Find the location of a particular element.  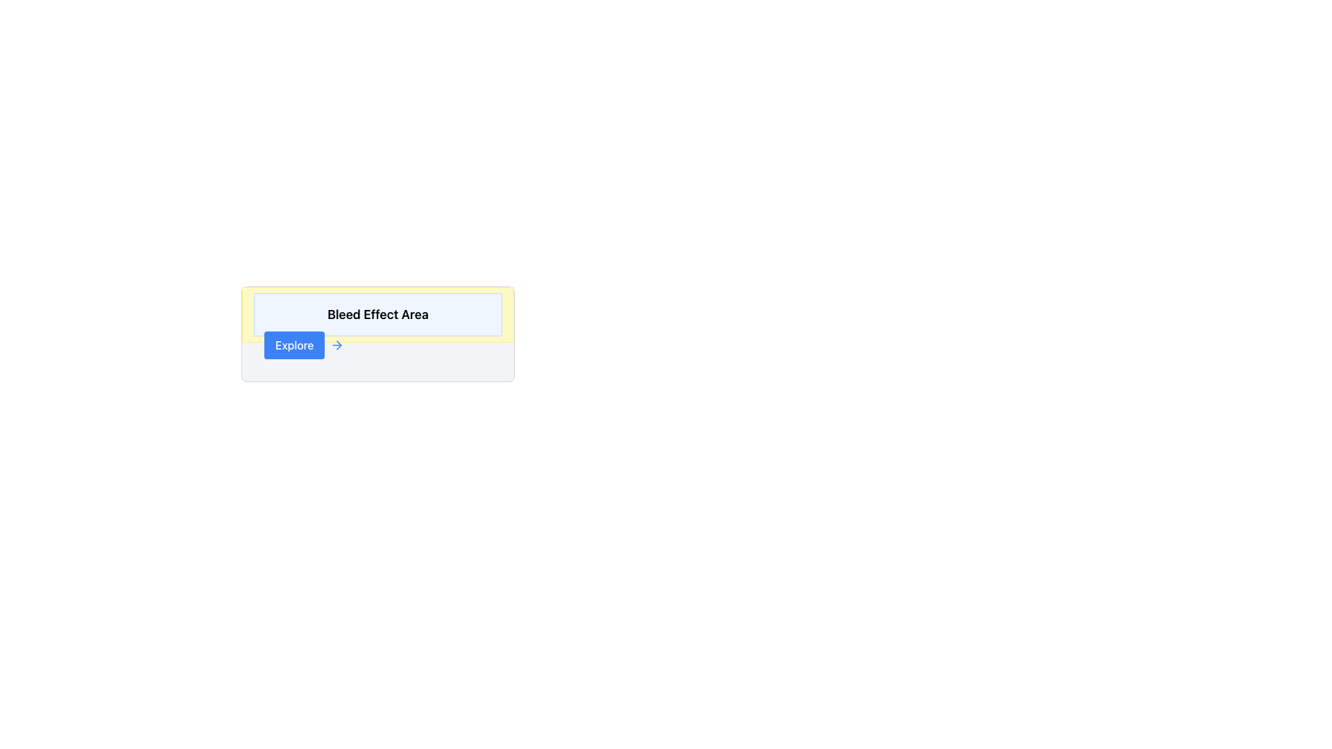

the centered text label that reads 'Bleed Effect Area', styled in a large bold font, located in a light blue section above the blue button labeled 'Explore' is located at coordinates (378, 315).